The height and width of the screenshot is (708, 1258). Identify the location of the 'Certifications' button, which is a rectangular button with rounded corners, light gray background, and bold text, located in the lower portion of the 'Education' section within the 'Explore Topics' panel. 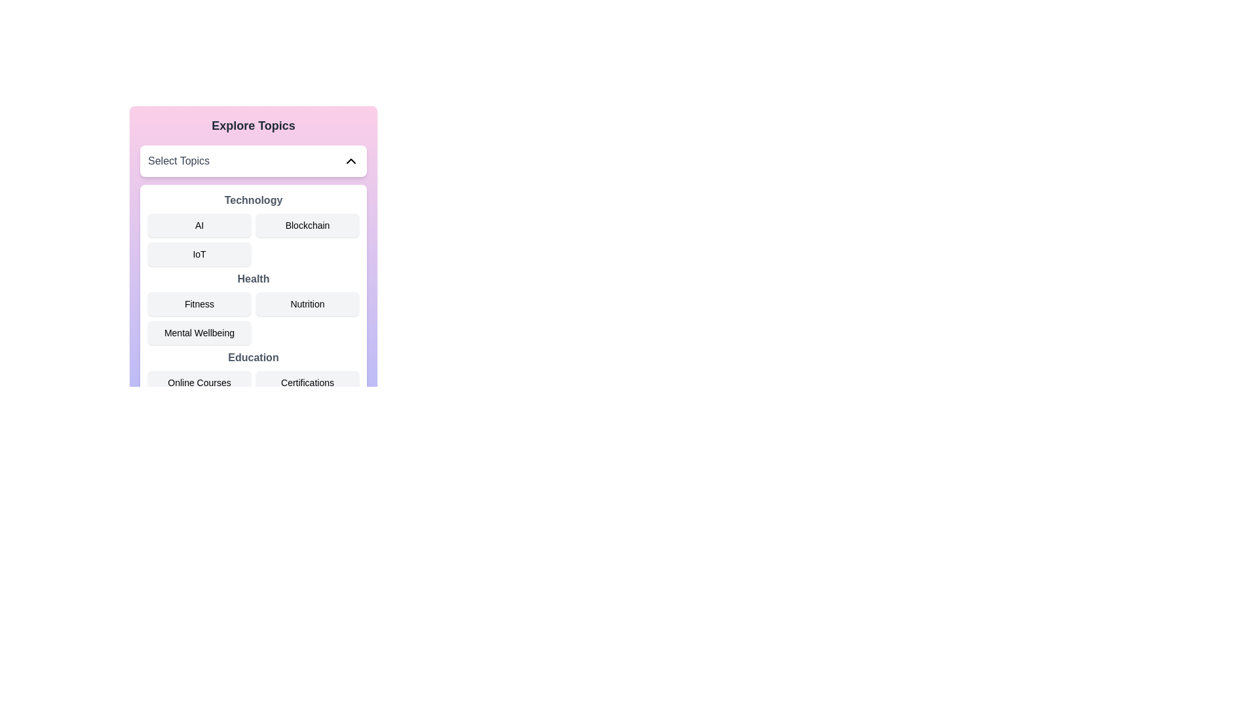
(307, 382).